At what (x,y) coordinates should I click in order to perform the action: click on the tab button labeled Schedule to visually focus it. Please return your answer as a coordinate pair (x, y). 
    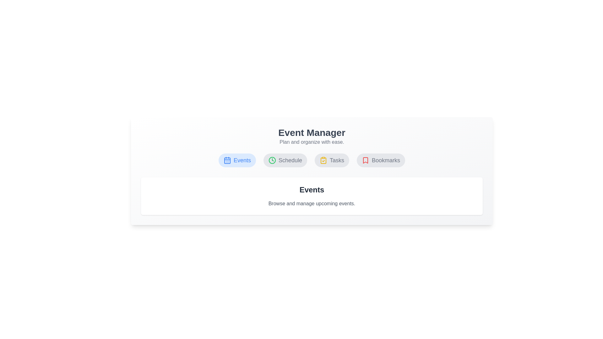
    Looking at the image, I should click on (285, 160).